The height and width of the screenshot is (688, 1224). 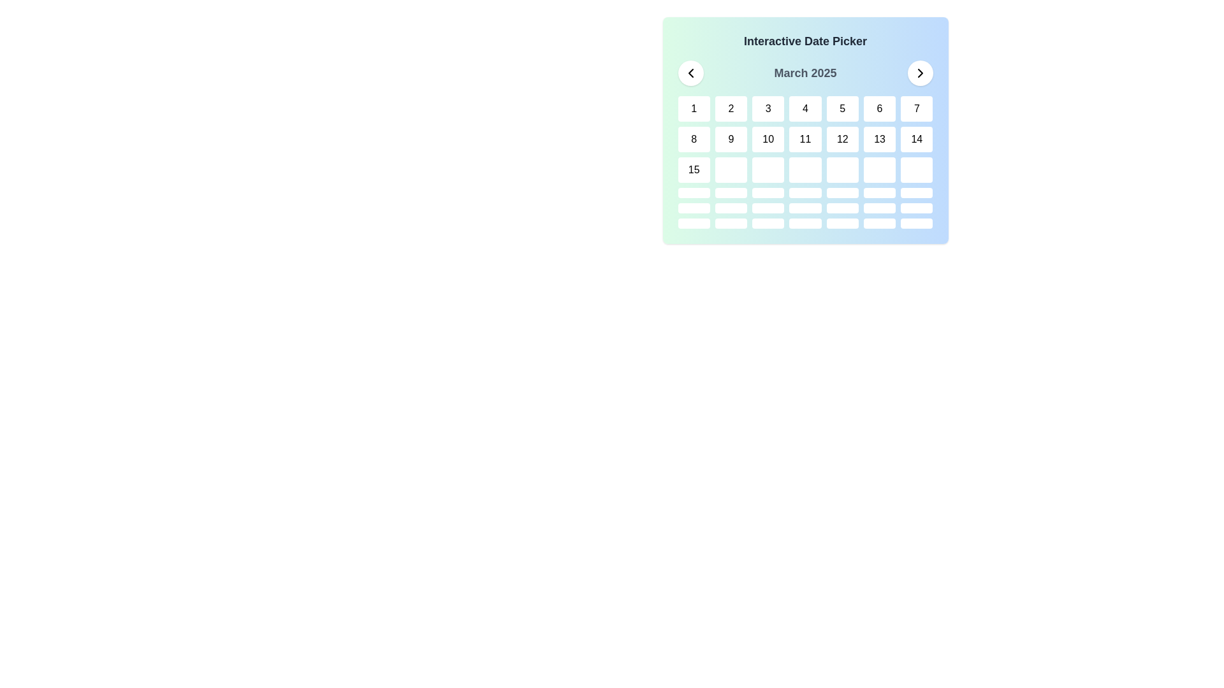 I want to click on the interactive button located in the 4th row and 4th column of the graphical date picker widget, so click(x=805, y=208).